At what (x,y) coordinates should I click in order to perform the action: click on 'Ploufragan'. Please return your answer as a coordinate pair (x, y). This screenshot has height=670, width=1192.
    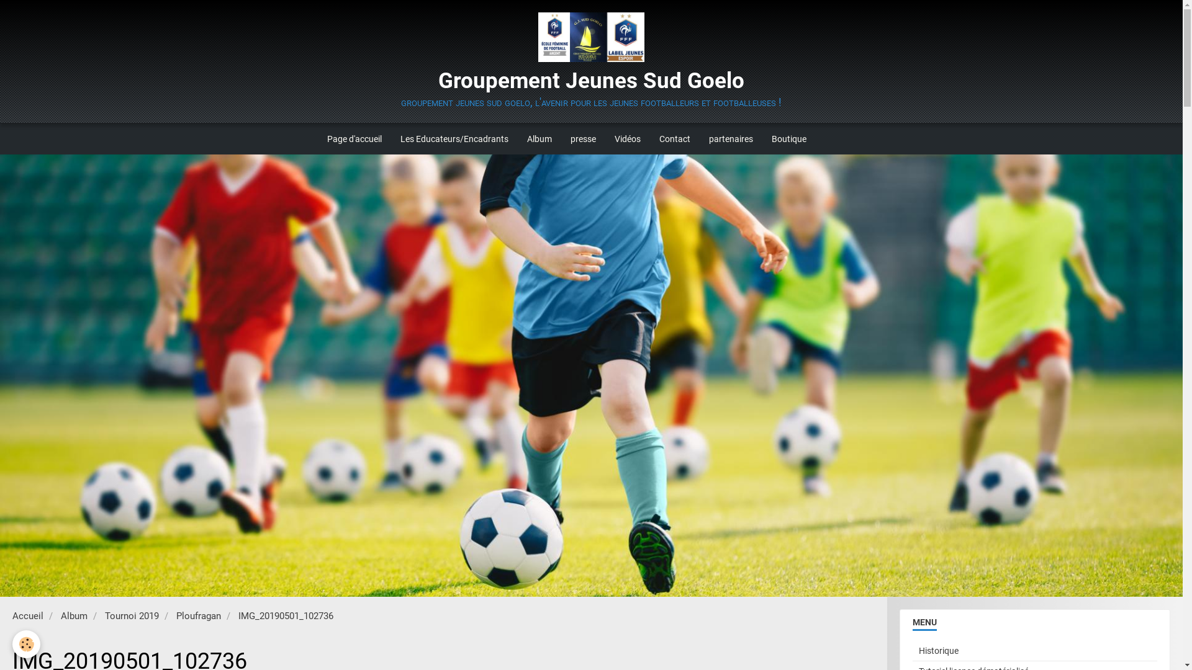
    Looking at the image, I should click on (175, 615).